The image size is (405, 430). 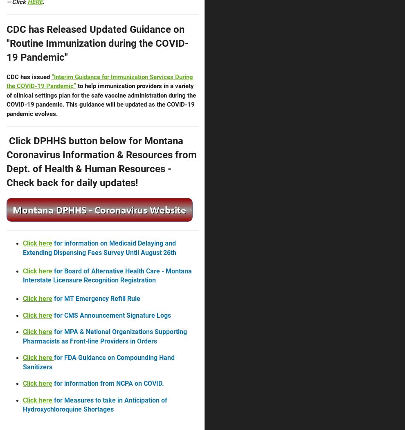 What do you see at coordinates (148, 383) in the screenshot?
I see `'on COVID.'` at bounding box center [148, 383].